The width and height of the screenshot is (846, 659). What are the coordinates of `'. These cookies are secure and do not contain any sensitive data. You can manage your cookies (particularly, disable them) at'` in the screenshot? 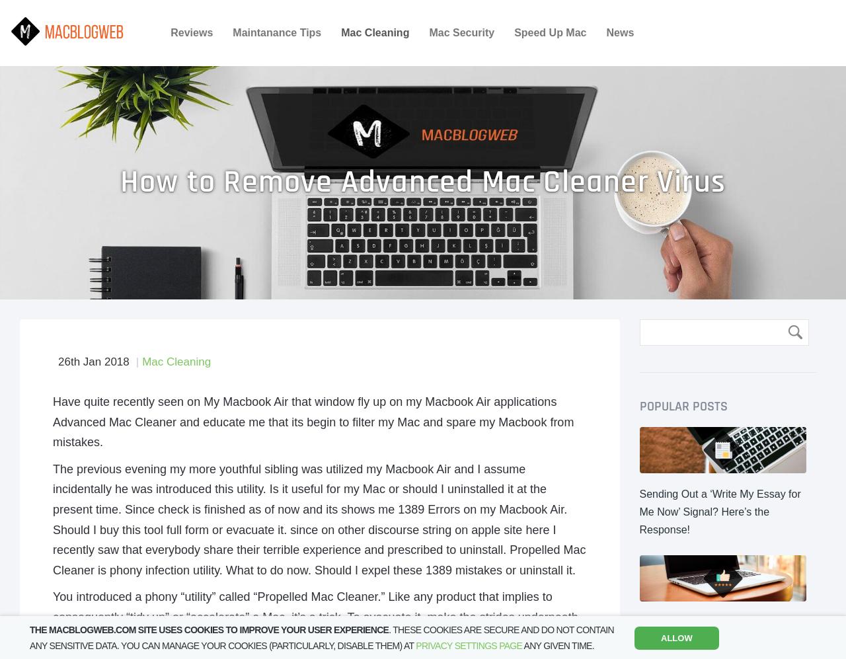 It's located at (30, 637).